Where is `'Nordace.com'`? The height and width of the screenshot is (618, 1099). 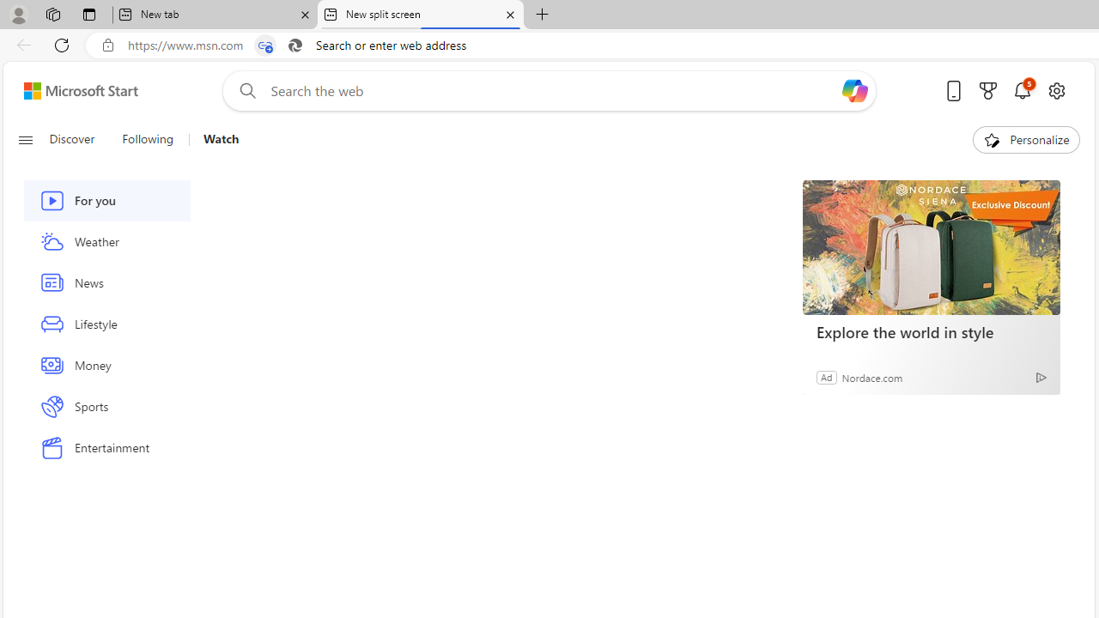
'Nordace.com' is located at coordinates (872, 376).